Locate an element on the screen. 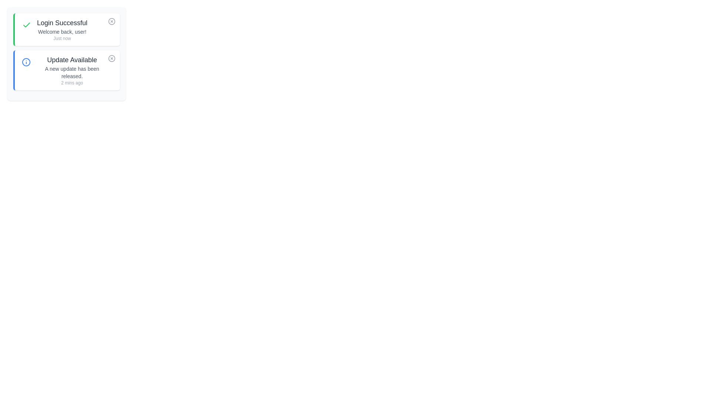 The width and height of the screenshot is (711, 400). the success indicator icon located in the top-left corner of the 'Login Successful' card, adjacent to the green border line is located at coordinates (27, 24).